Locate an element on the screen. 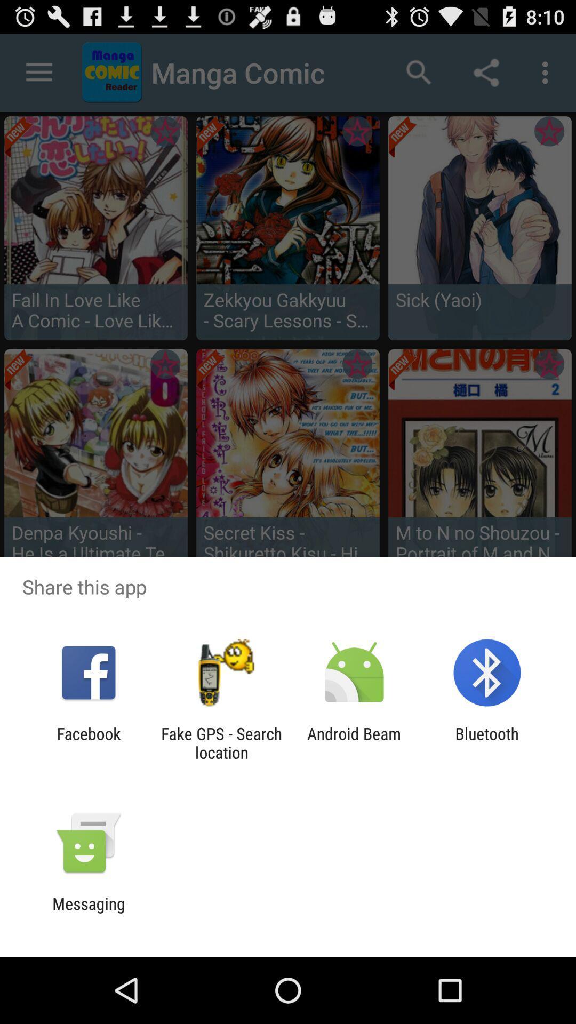  the app next to bluetooth app is located at coordinates (354, 742).